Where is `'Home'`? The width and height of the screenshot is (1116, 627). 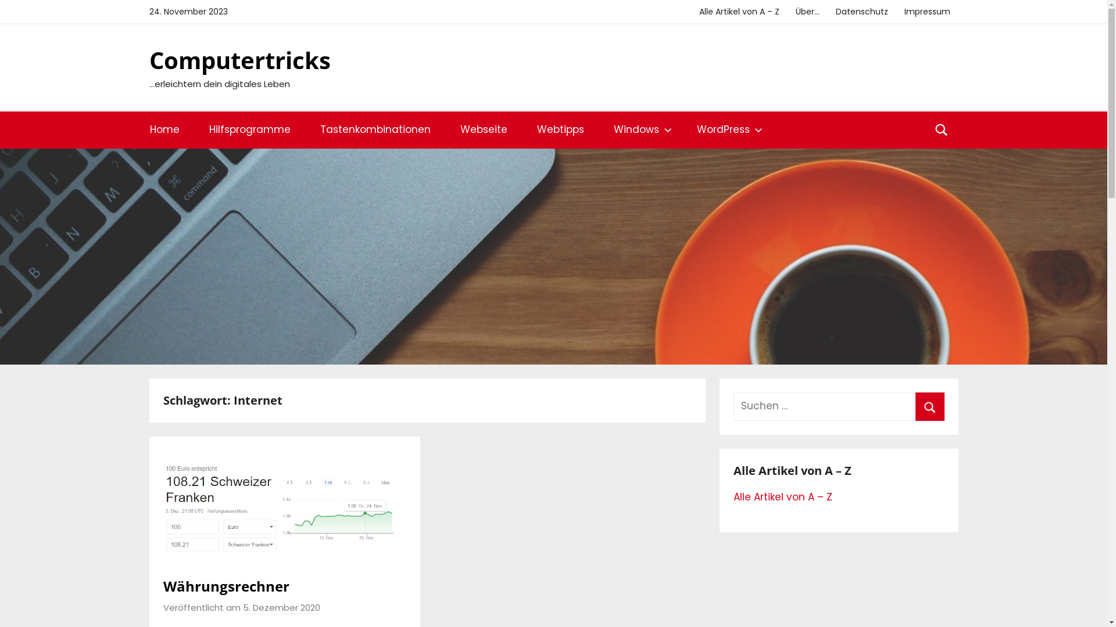
'Home' is located at coordinates (164, 129).